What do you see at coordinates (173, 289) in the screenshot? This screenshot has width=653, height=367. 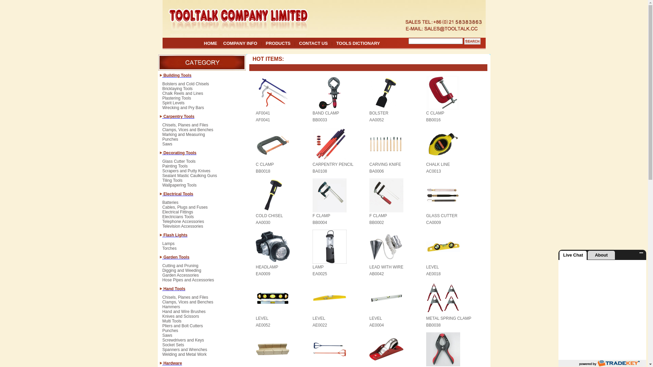 I see `'Hand Tools'` at bounding box center [173, 289].